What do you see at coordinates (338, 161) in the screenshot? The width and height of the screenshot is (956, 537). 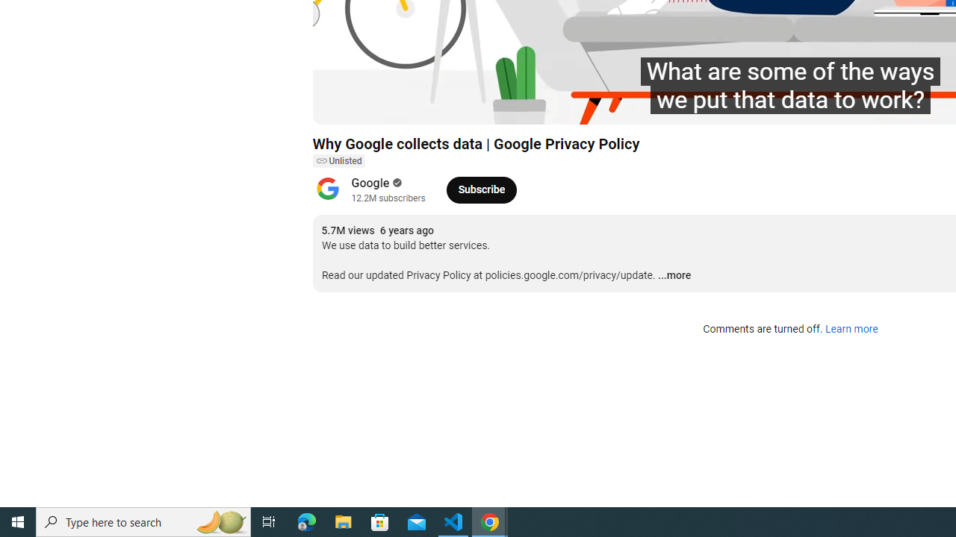 I see `'Unlisted'` at bounding box center [338, 161].